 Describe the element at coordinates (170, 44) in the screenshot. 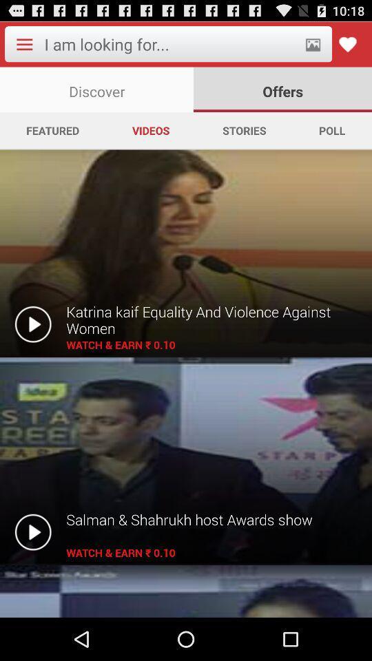

I see `icon above the discover app` at that location.